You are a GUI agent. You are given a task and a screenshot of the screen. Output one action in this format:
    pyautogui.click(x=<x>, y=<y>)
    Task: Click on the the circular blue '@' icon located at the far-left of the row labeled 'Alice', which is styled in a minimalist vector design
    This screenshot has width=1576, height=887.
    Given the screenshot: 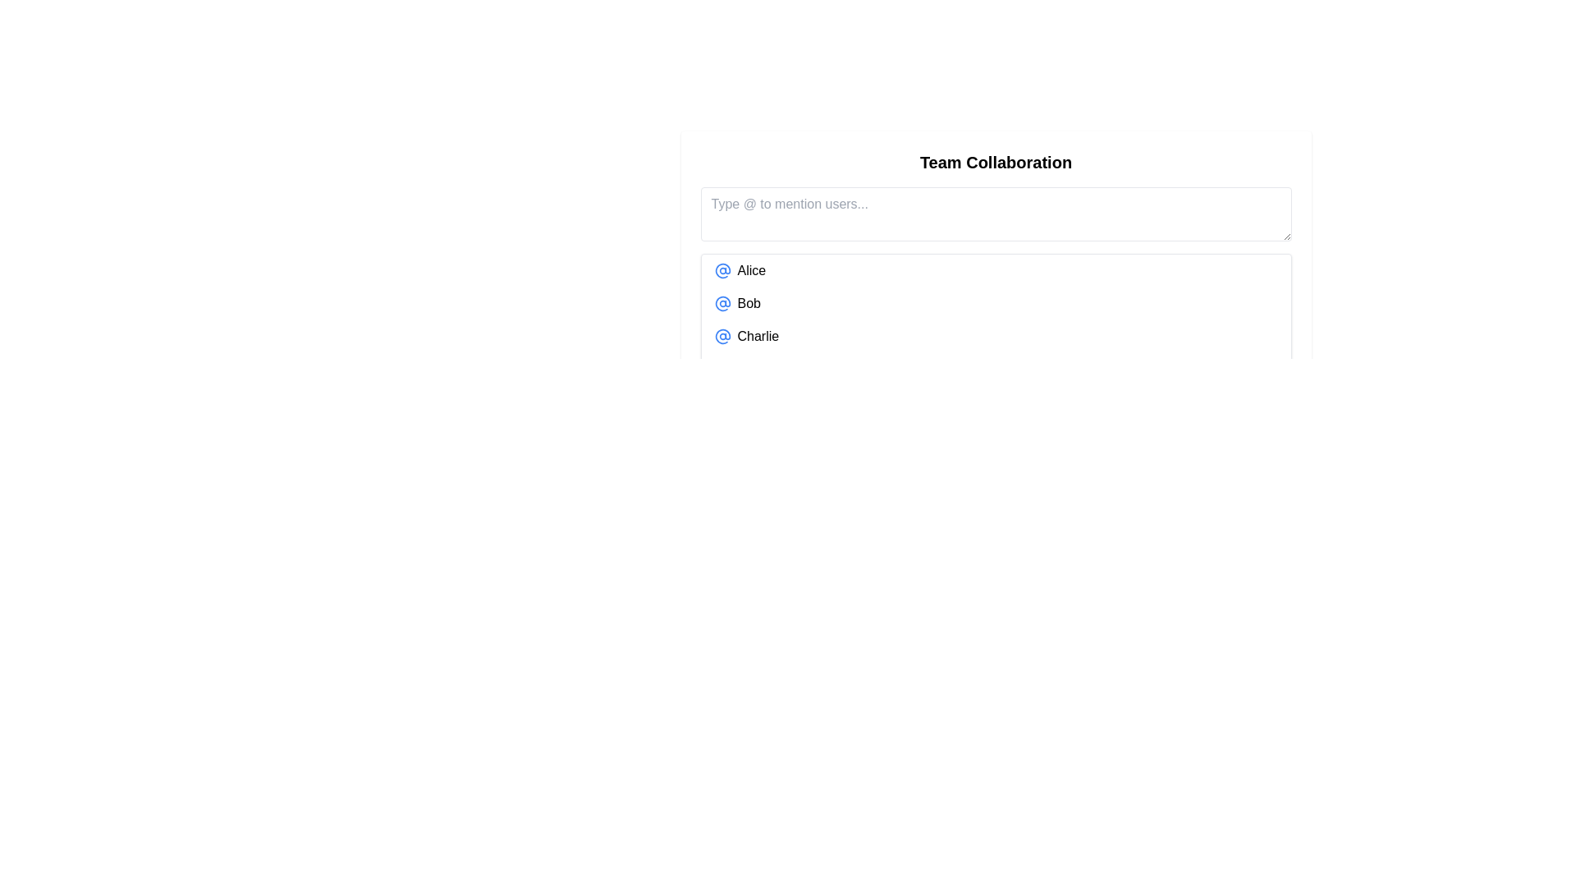 What is the action you would take?
    pyautogui.click(x=722, y=270)
    